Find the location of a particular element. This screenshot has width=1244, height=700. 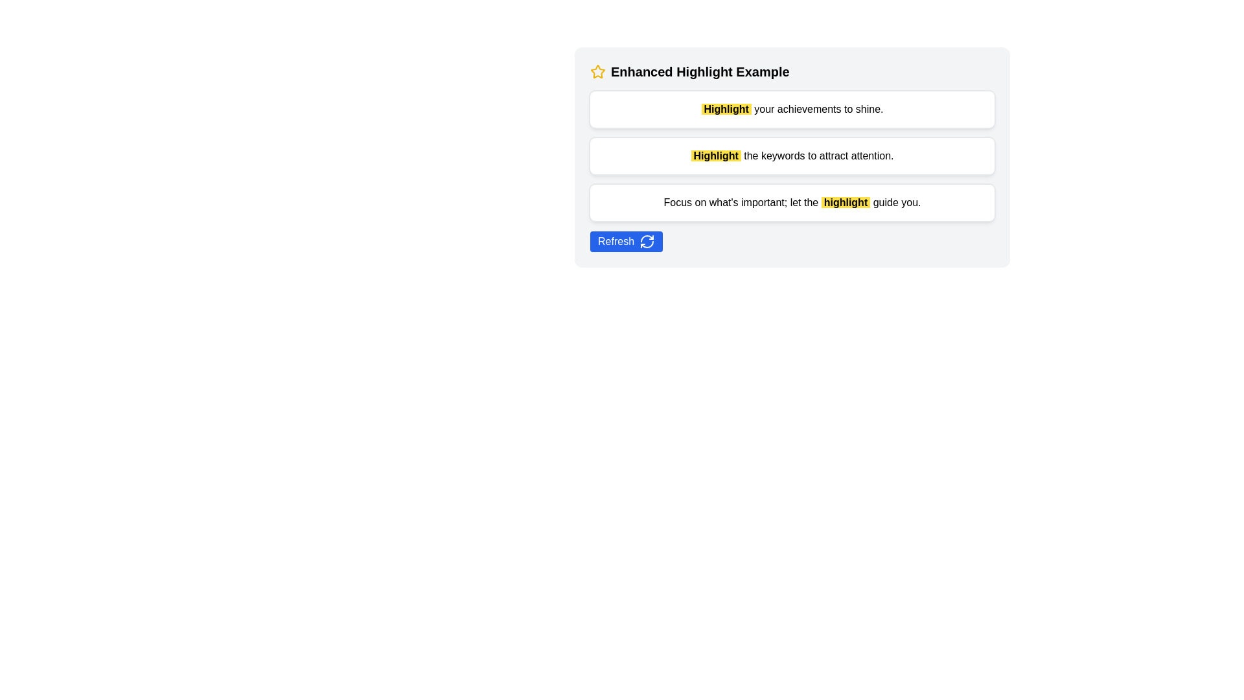

the visual style of the text label emphasizing the word 'highlight' in the phrase '...let the highlight guide you.' is located at coordinates (846, 202).